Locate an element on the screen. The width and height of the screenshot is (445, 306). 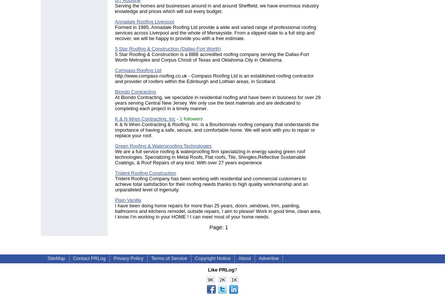
'5 Star Roofing & Construction (Dallas-Fort Worth)' is located at coordinates (115, 48).